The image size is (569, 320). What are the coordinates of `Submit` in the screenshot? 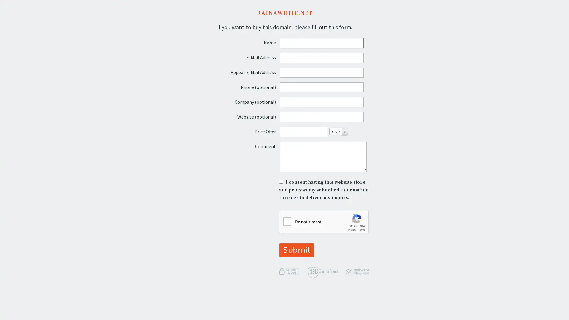 It's located at (296, 250).